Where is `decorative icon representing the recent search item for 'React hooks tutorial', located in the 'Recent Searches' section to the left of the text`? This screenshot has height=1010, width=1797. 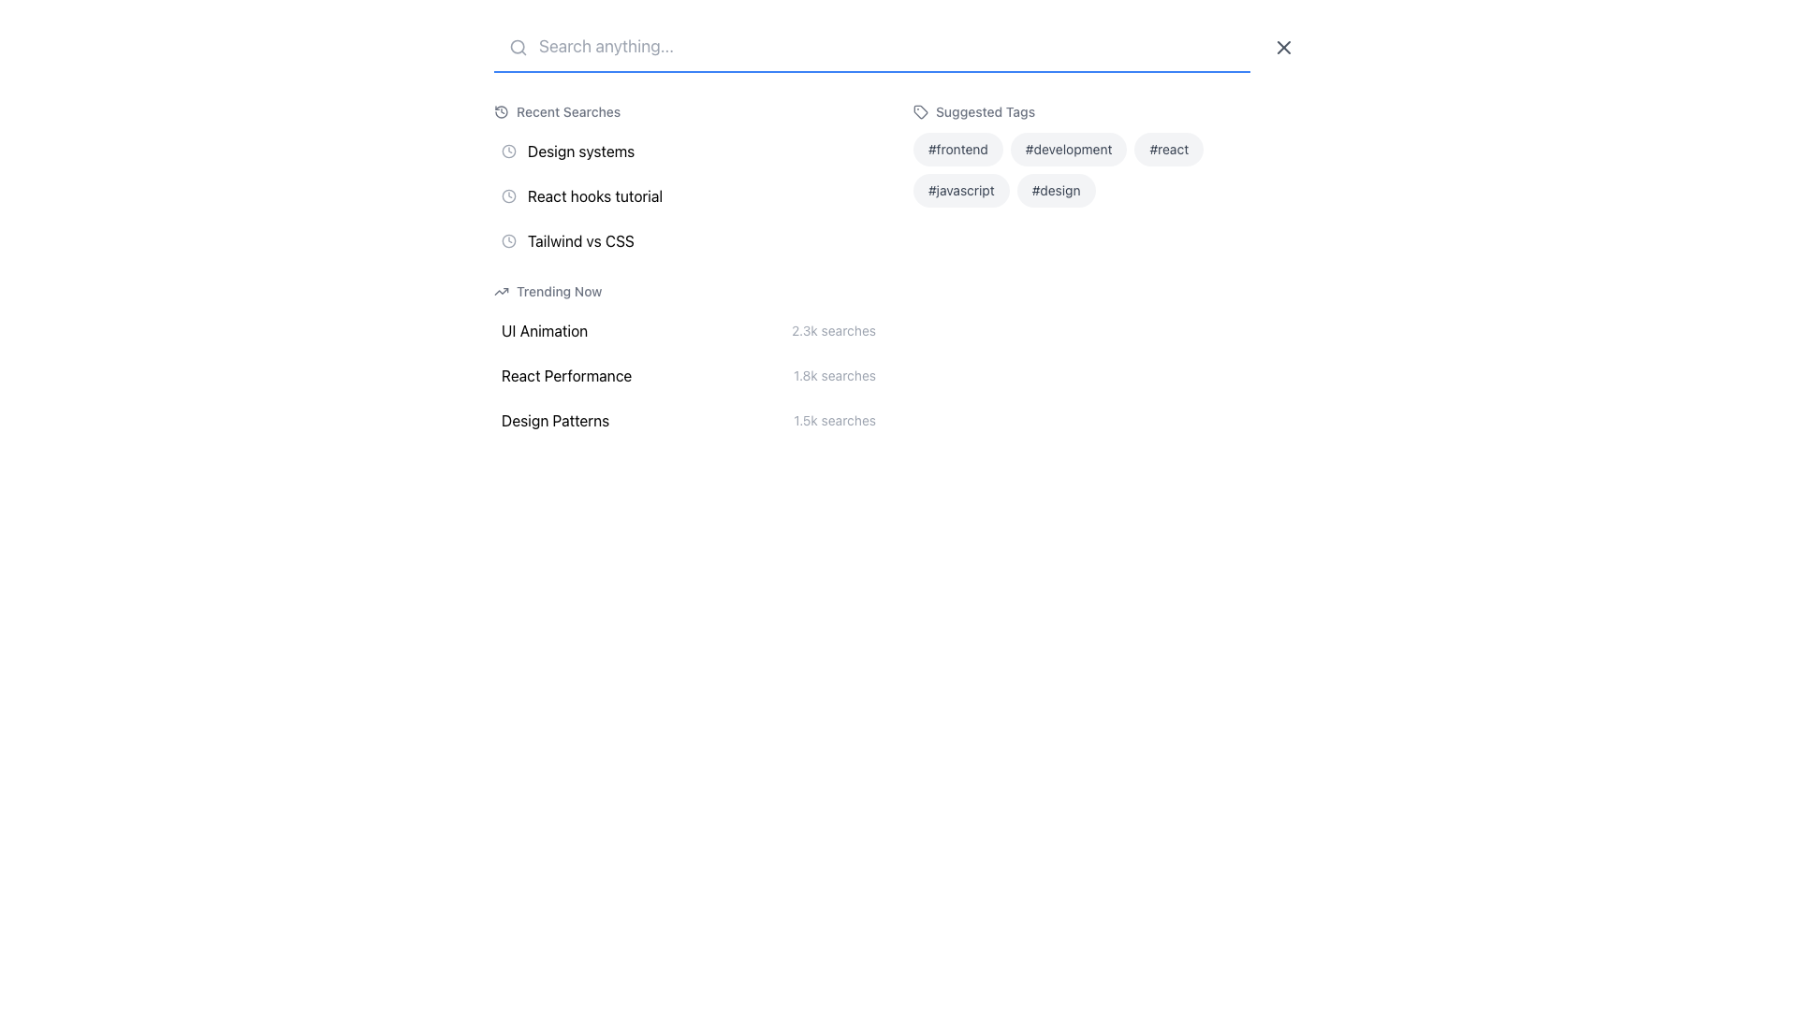
decorative icon representing the recent search item for 'React hooks tutorial', located in the 'Recent Searches' section to the left of the text is located at coordinates (508, 195).